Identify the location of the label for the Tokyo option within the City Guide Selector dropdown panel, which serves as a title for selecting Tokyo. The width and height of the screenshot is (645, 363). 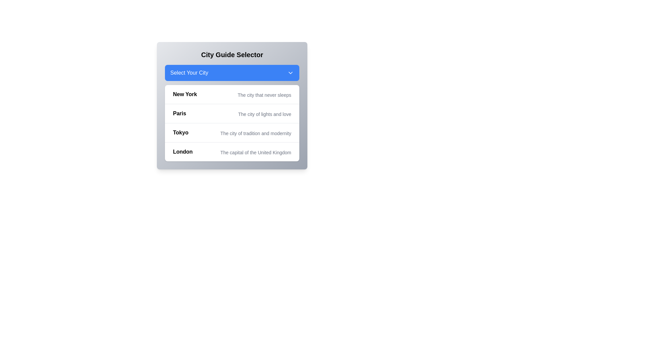
(180, 132).